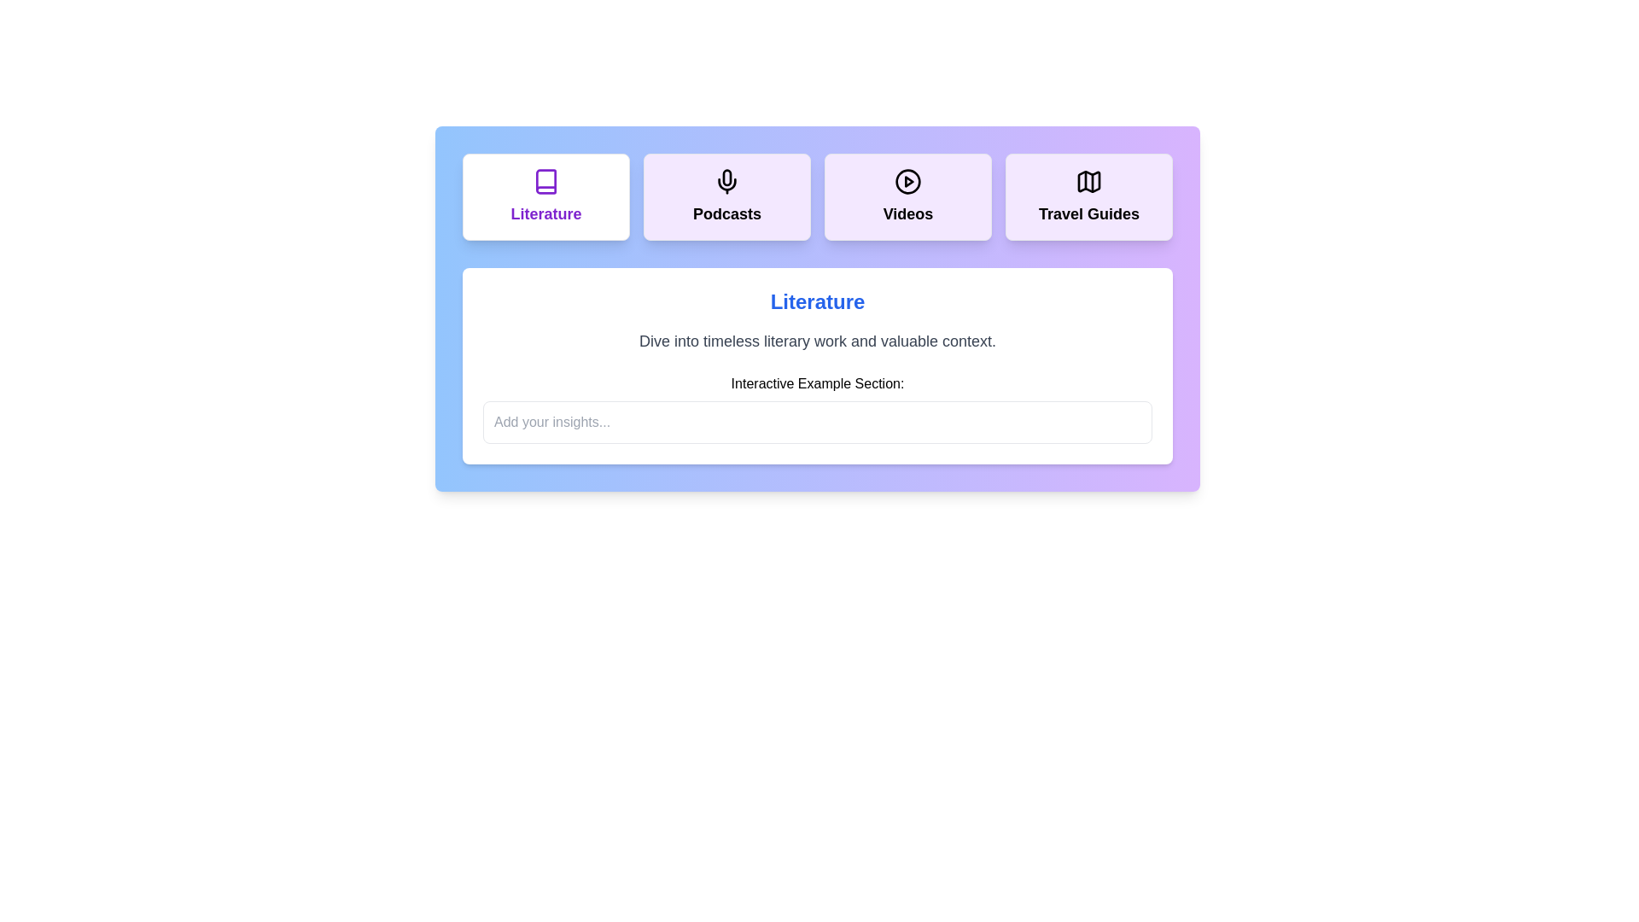  What do you see at coordinates (1088, 196) in the screenshot?
I see `the tab titled 'Travel Guides'` at bounding box center [1088, 196].